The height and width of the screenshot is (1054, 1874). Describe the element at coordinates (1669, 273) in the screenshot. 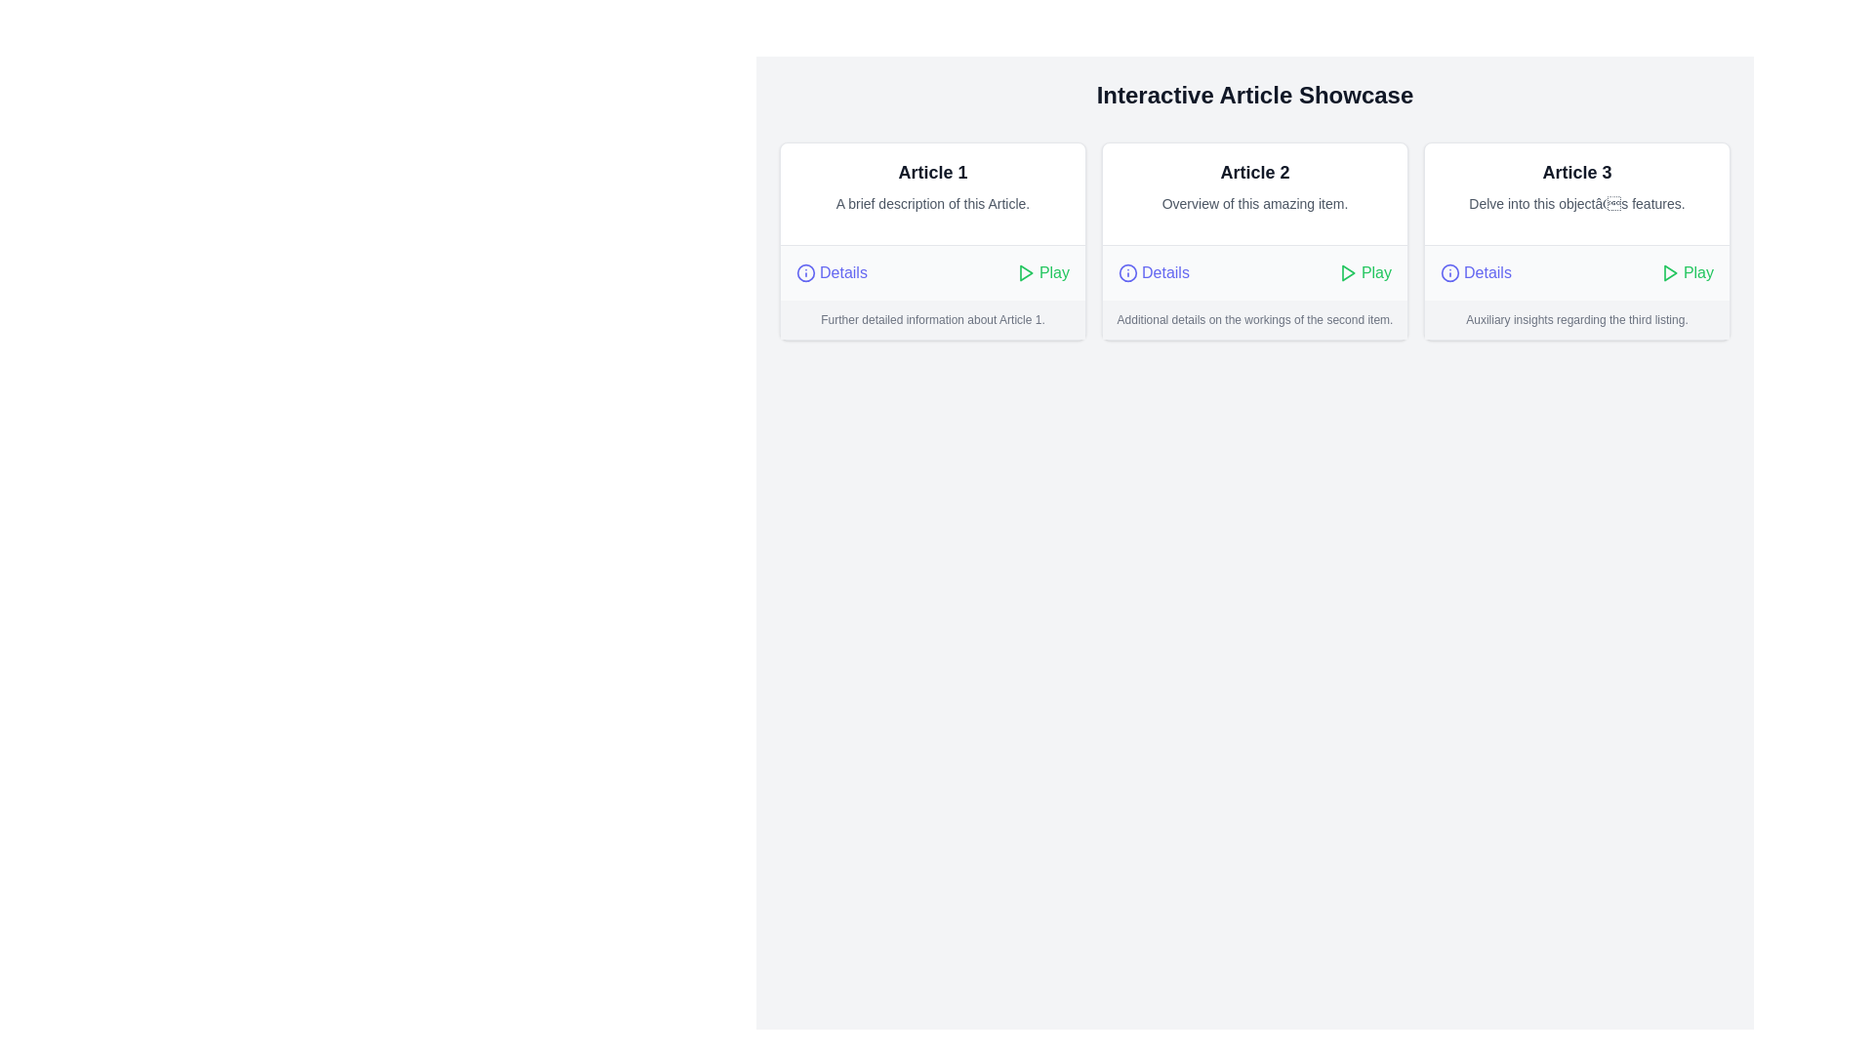

I see `the triangular play icon embedded in the SVG of the play button in the third interactive article card titled 'Article 3'` at that location.